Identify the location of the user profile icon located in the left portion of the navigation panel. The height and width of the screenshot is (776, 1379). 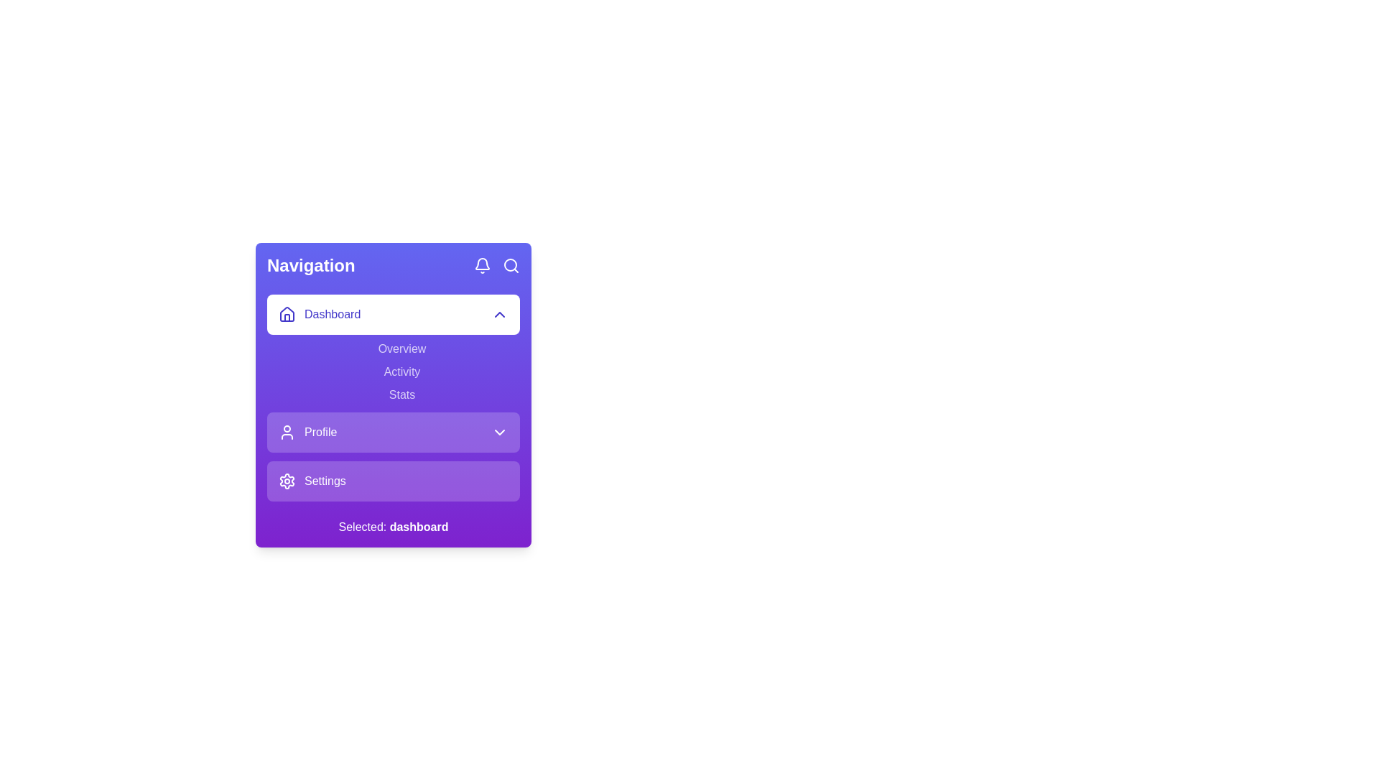
(287, 431).